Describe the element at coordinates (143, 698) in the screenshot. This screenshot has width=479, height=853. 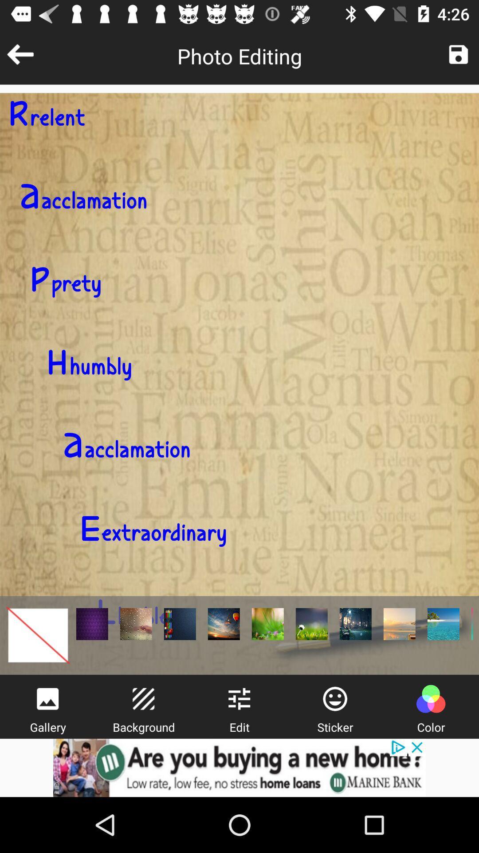
I see `the edit icon` at that location.